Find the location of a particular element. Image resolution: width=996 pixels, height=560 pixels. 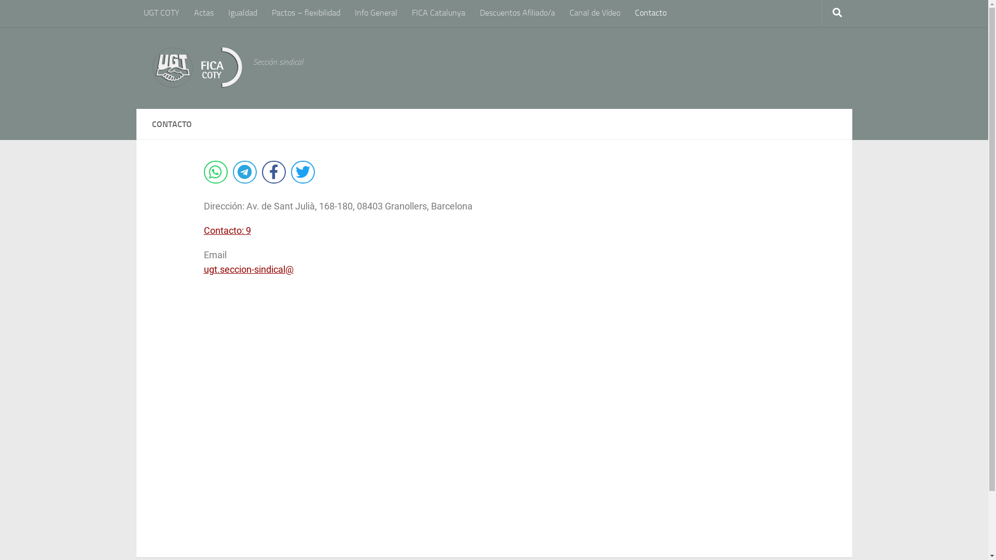

'Descuentos Afiliado/a' is located at coordinates (517, 12).